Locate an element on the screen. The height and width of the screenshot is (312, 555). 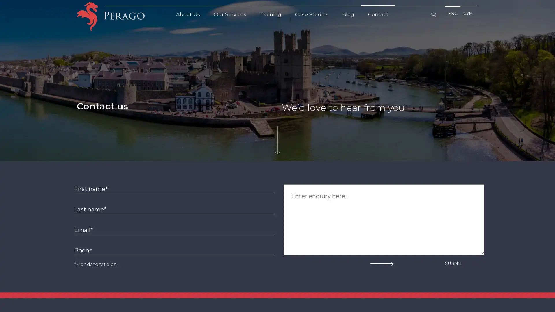
Submit is located at coordinates (453, 263).